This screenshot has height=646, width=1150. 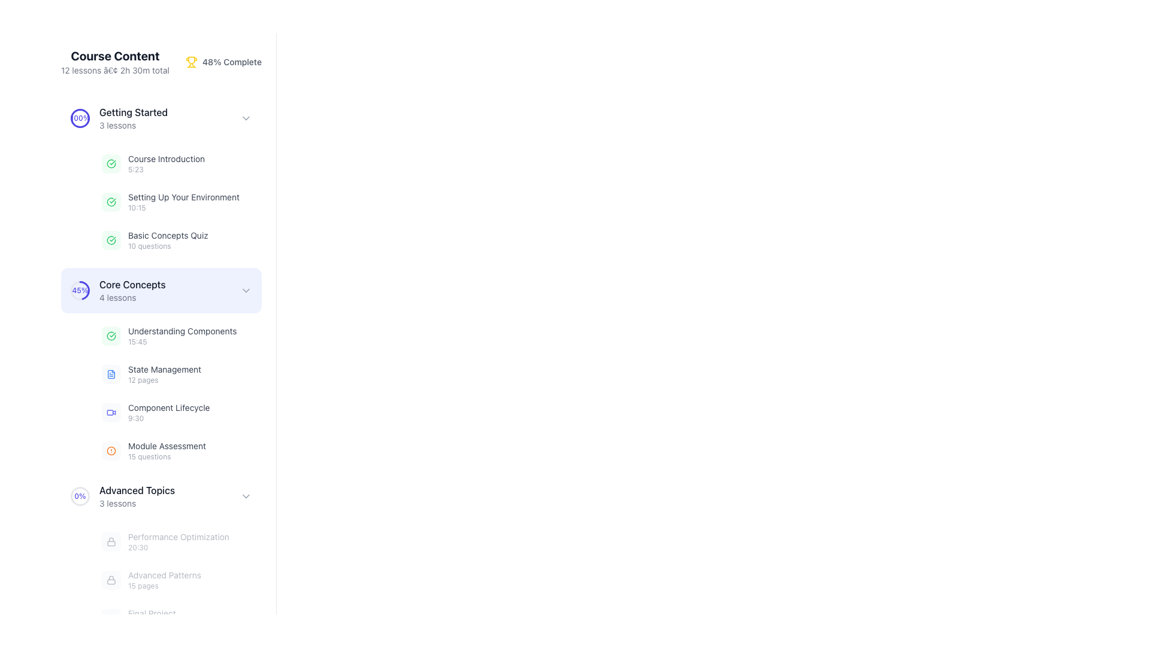 I want to click on the completion status icon for the 'Basic Concepts Quiz' located in the 'Getting Started' section of the course content sidebar, which is positioned directly to the left of the text label 'Basic Concepts Quiz', so click(x=111, y=240).